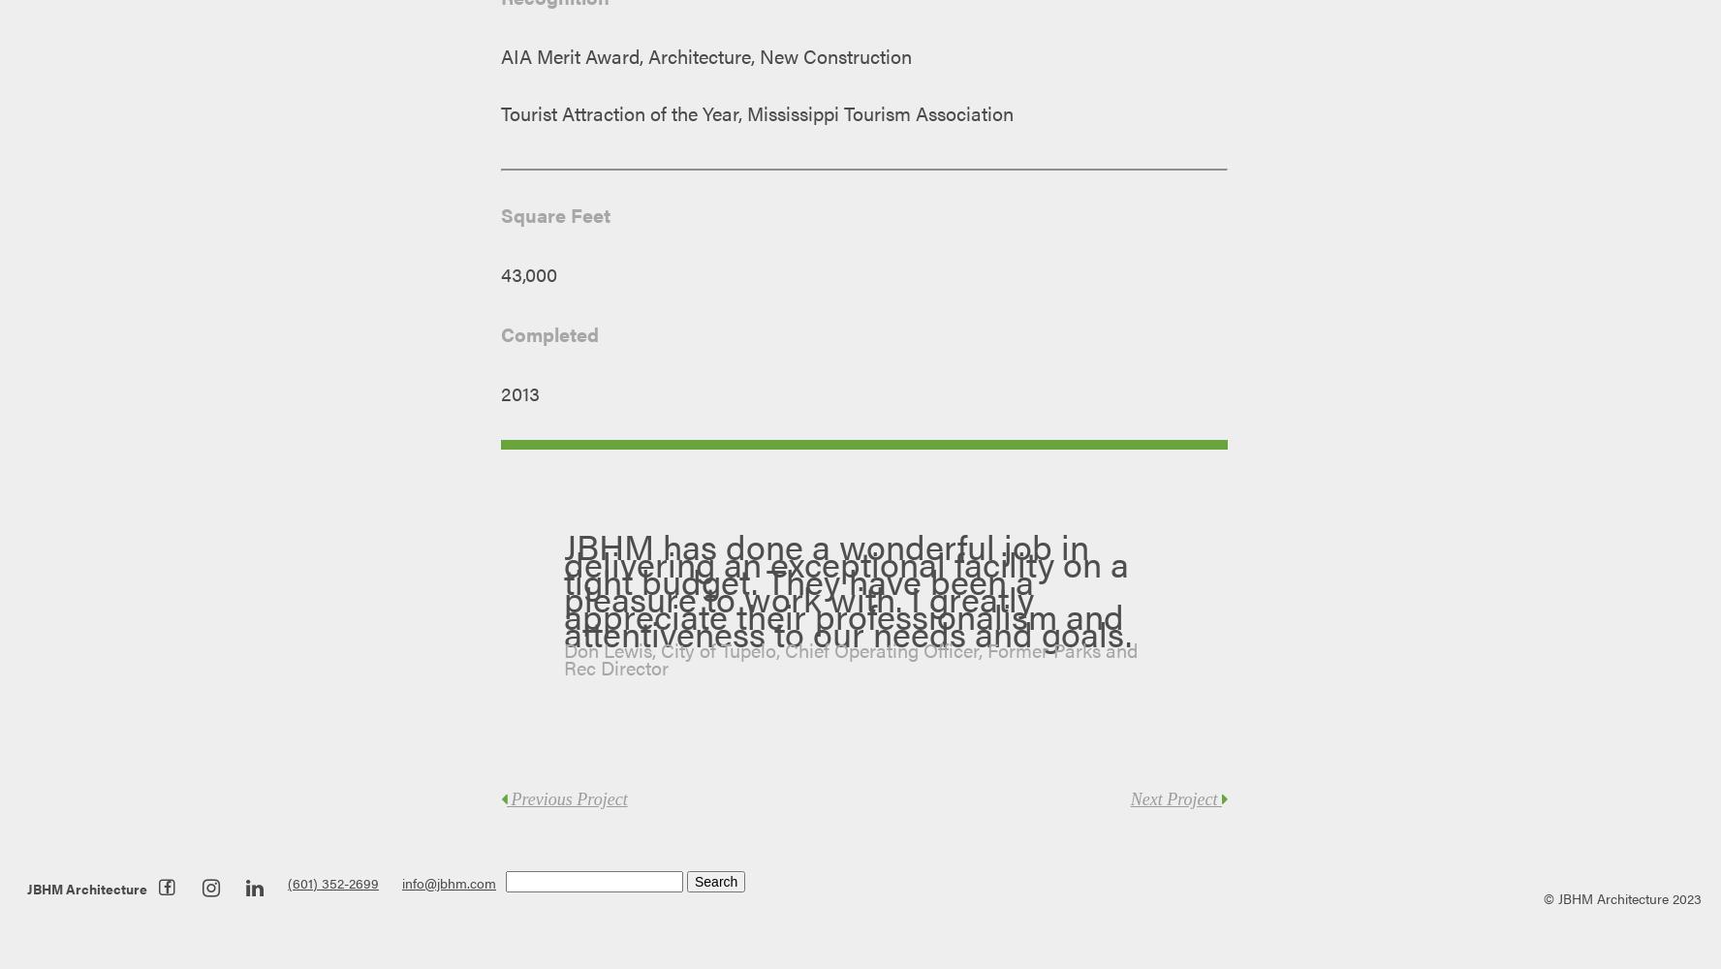 This screenshot has width=1721, height=969. What do you see at coordinates (1621, 898) in the screenshot?
I see `'© JBHM Architecture 2023'` at bounding box center [1621, 898].